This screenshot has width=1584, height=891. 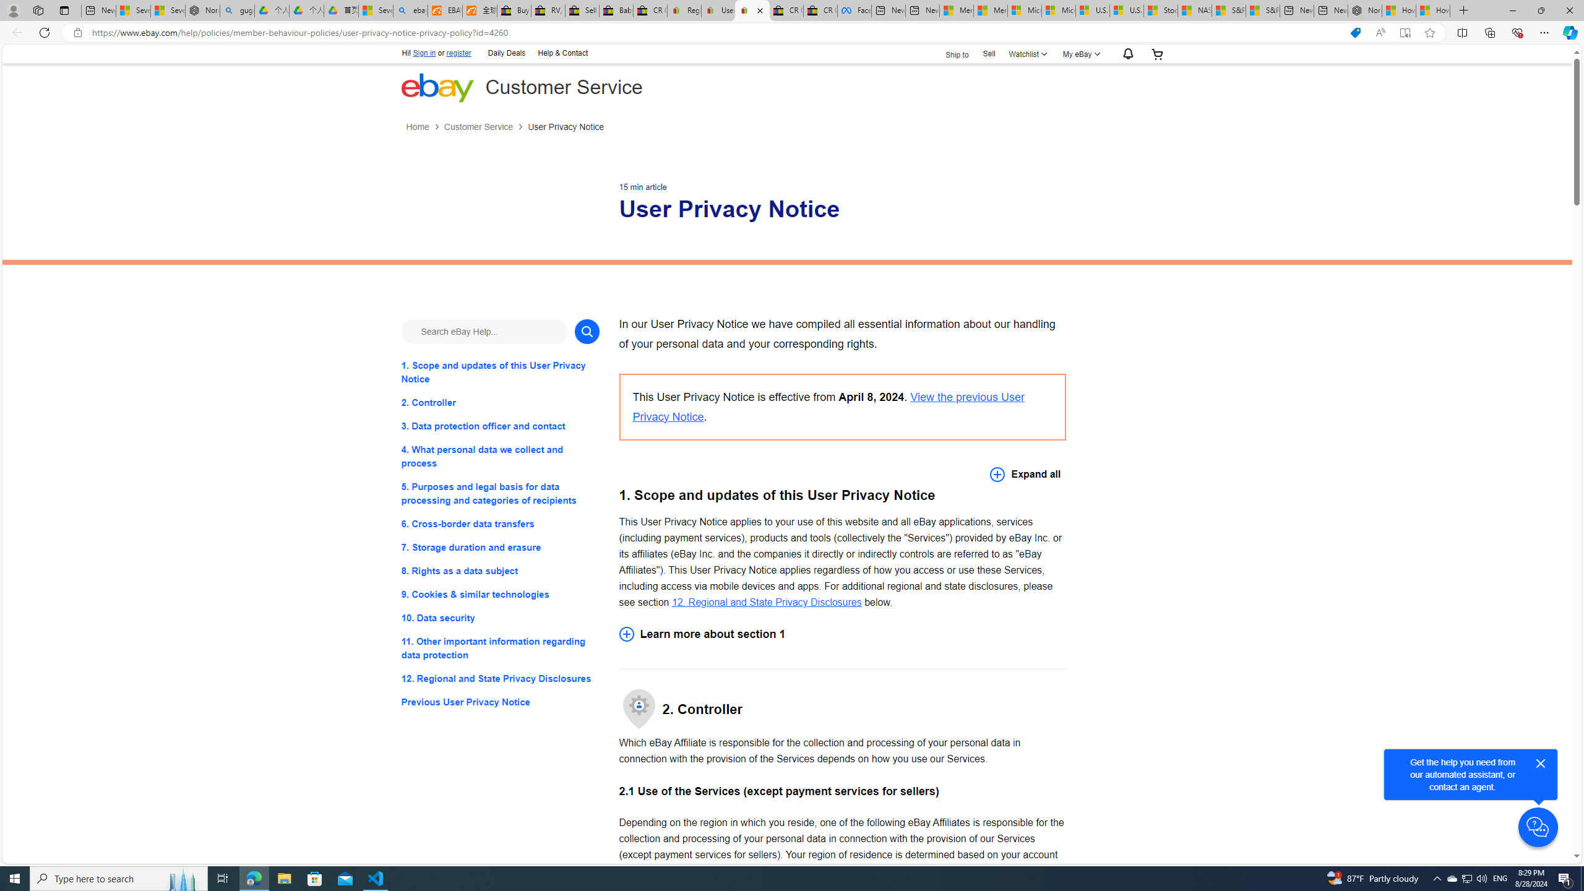 I want to click on 'Enter Immersive Reader (F9)', so click(x=1405, y=33).